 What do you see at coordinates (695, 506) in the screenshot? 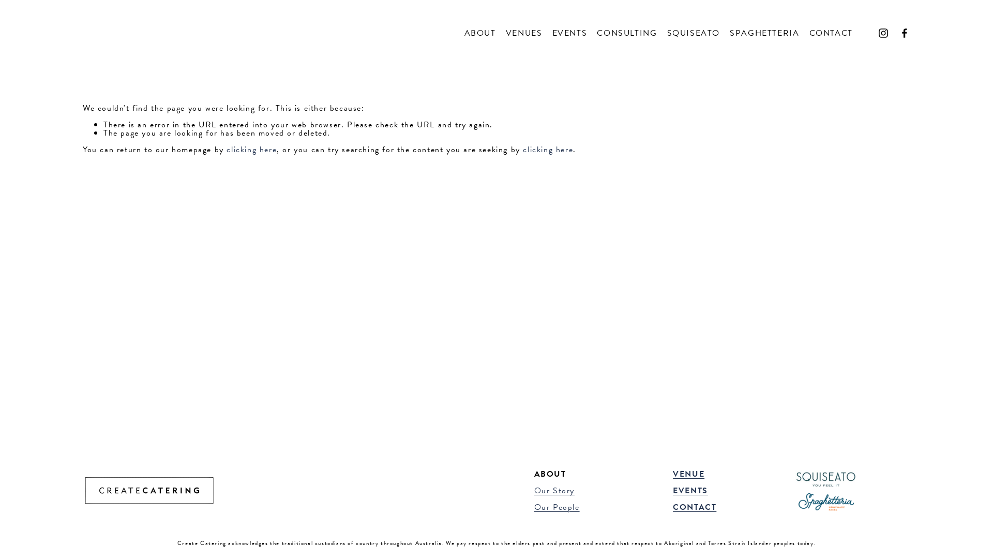
I see `'CONTACT'` at bounding box center [695, 506].